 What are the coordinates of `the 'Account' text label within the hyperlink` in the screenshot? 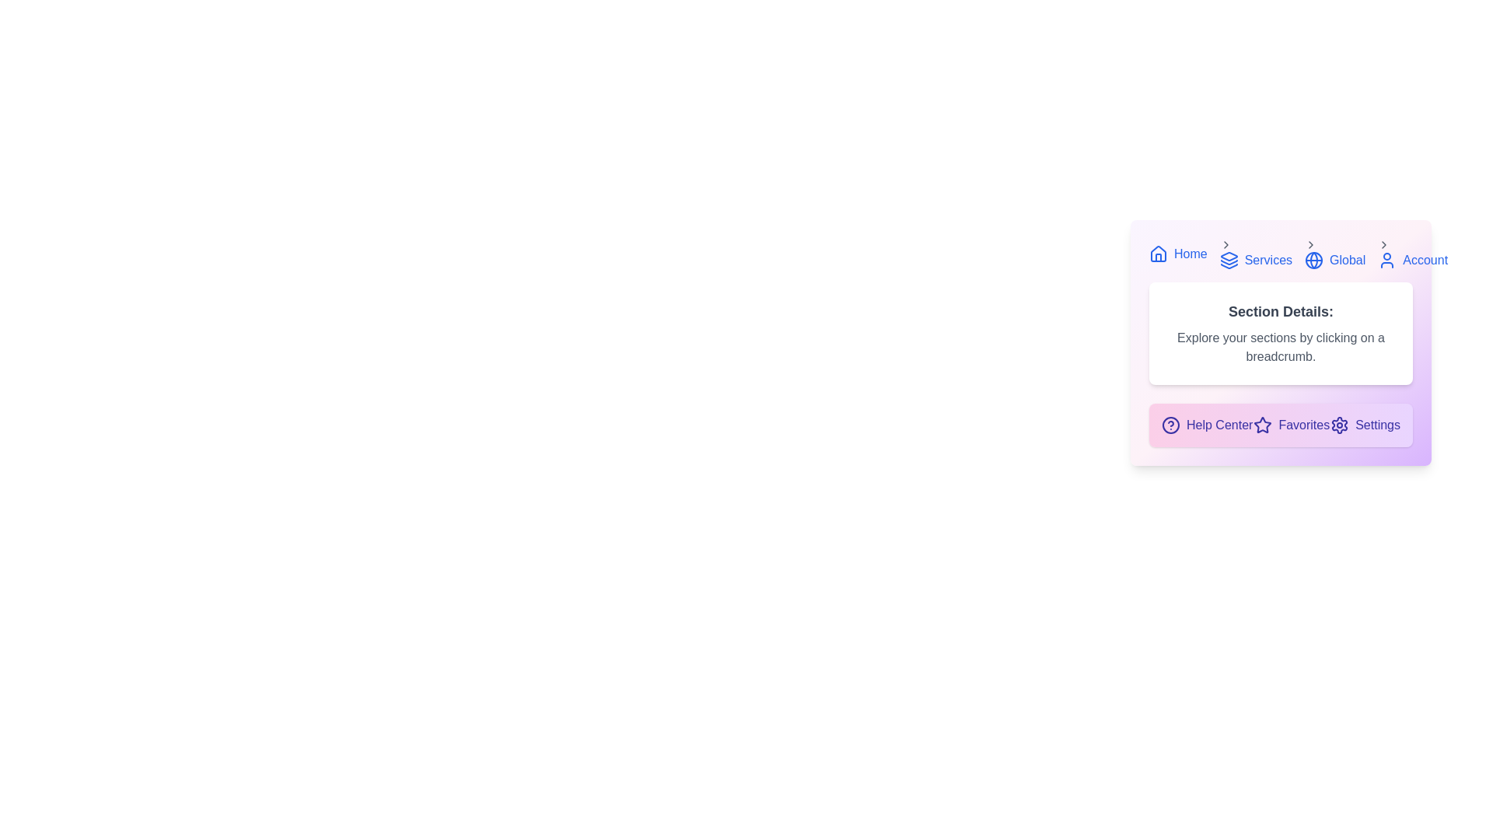 It's located at (1425, 260).